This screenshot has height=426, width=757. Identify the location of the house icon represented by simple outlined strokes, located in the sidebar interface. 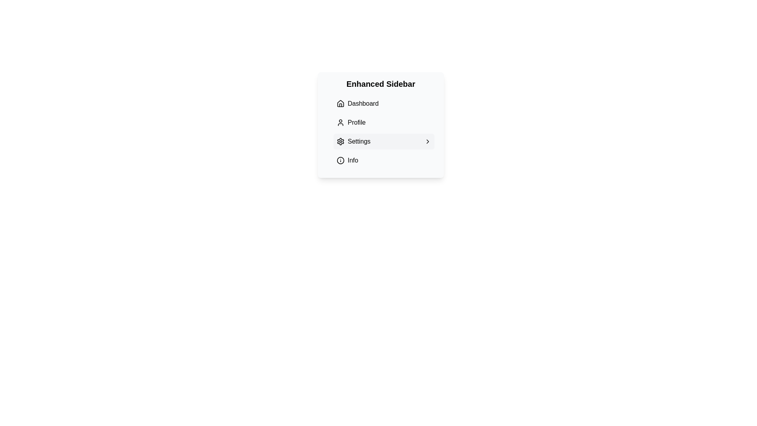
(341, 103).